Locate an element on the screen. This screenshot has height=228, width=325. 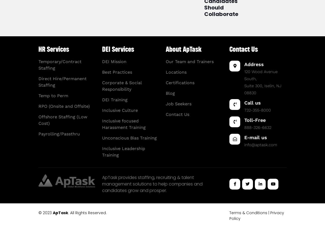
'info@aptask.com' is located at coordinates (261, 144).